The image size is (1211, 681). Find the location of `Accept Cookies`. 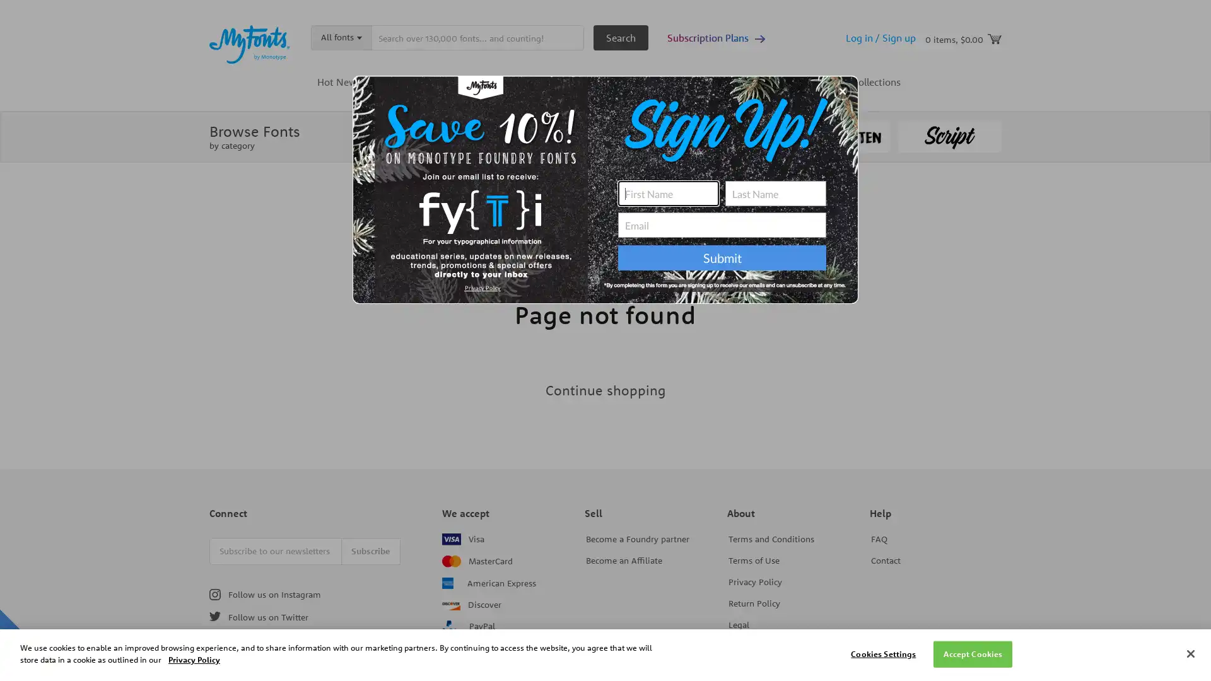

Accept Cookies is located at coordinates (972, 653).